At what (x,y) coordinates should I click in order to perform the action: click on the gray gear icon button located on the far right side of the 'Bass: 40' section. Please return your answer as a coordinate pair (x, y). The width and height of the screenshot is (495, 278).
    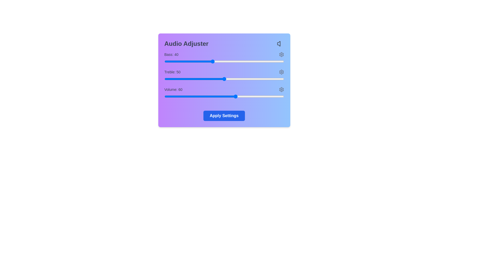
    Looking at the image, I should click on (281, 55).